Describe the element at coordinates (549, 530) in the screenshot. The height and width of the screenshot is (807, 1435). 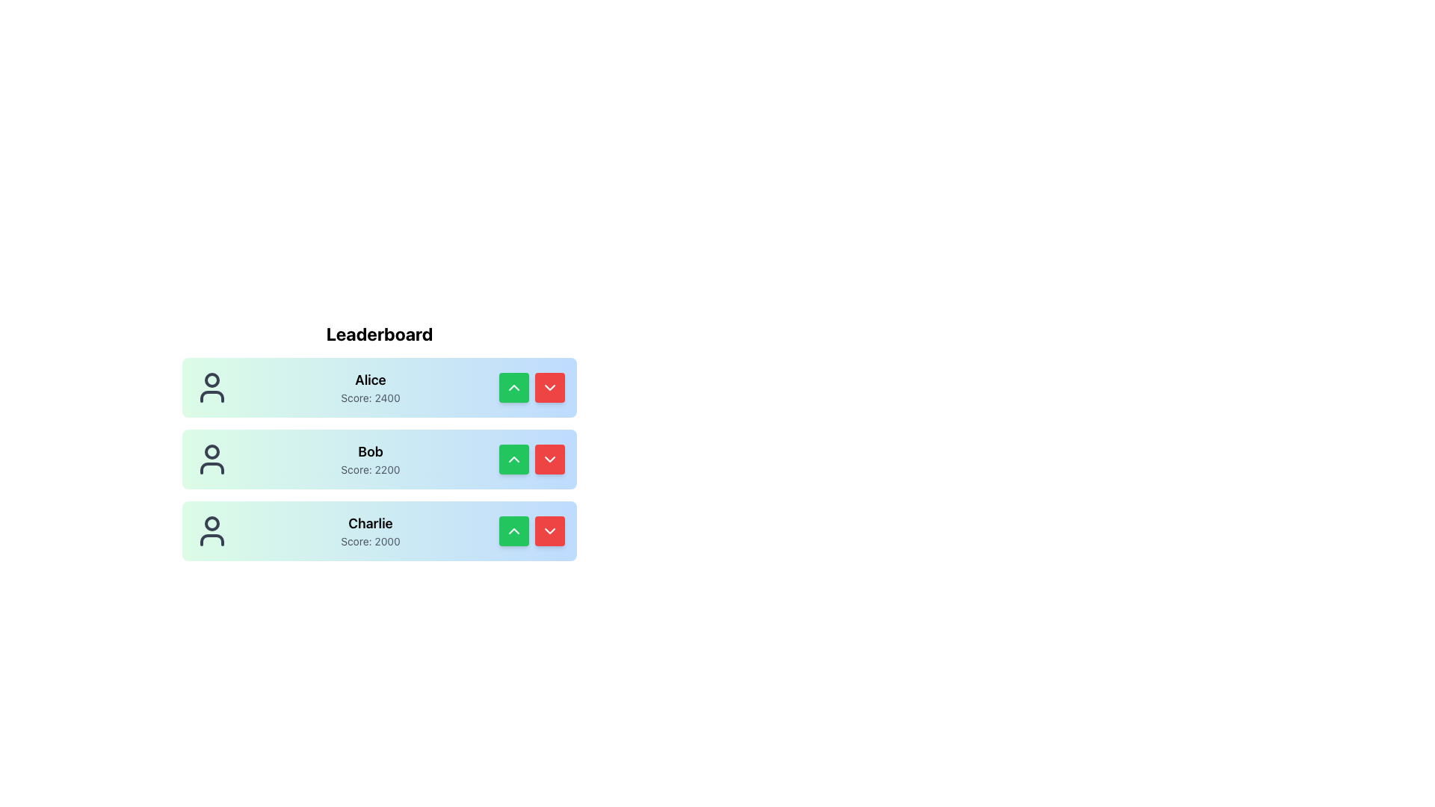
I see `the red button with rounded corners and a downward-pointing chevron icon located at the right end of the 'Charlie' leaderboard entry` at that location.